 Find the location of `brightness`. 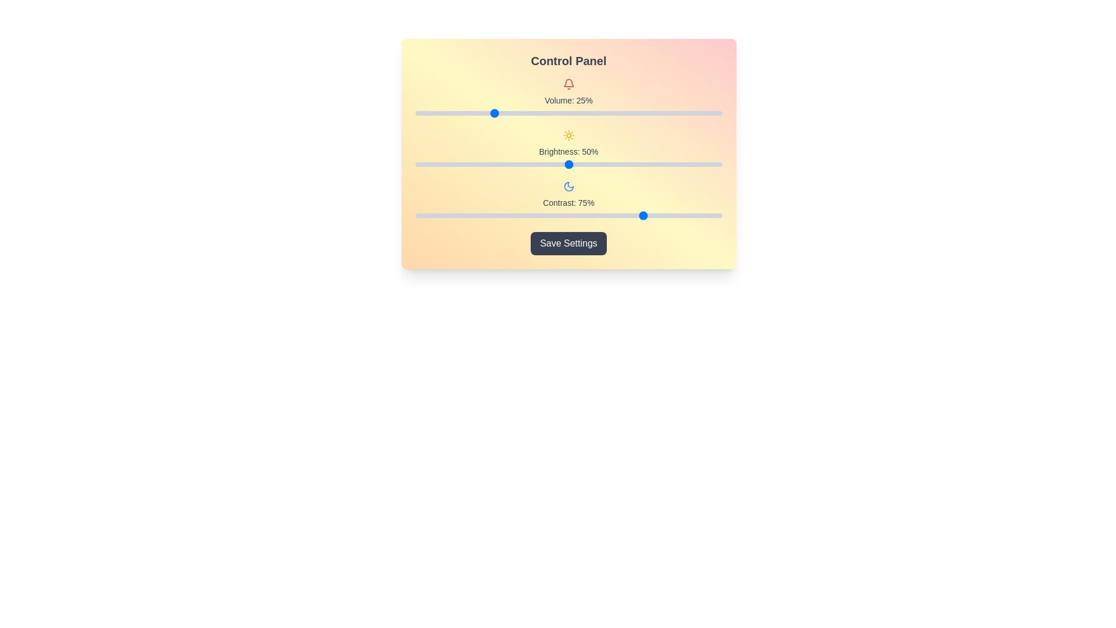

brightness is located at coordinates (685, 164).